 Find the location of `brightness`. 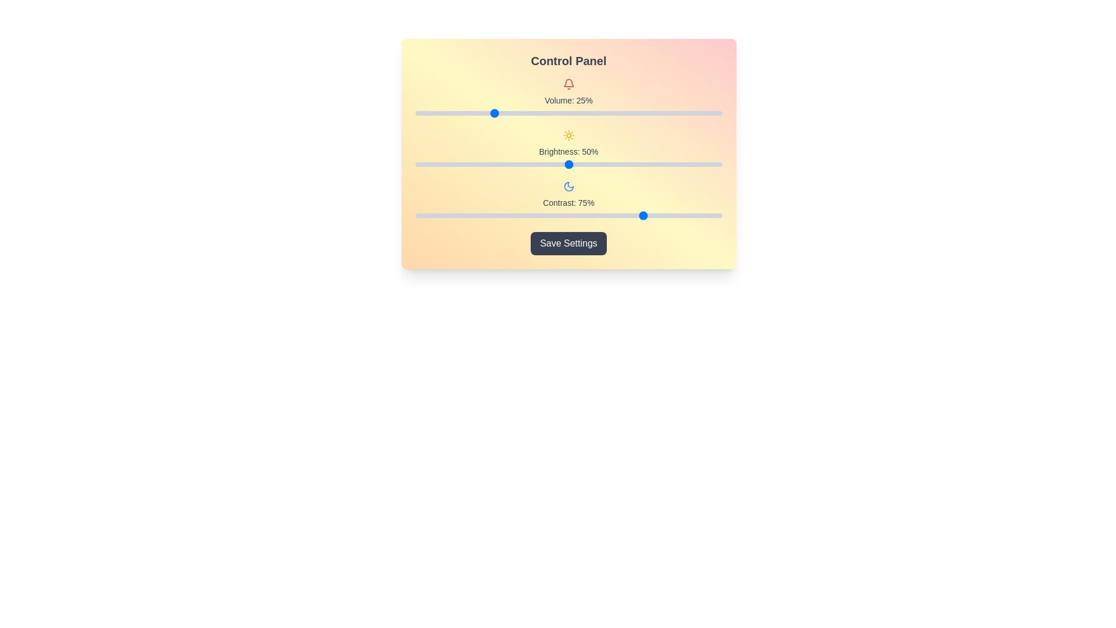

brightness is located at coordinates (685, 164).